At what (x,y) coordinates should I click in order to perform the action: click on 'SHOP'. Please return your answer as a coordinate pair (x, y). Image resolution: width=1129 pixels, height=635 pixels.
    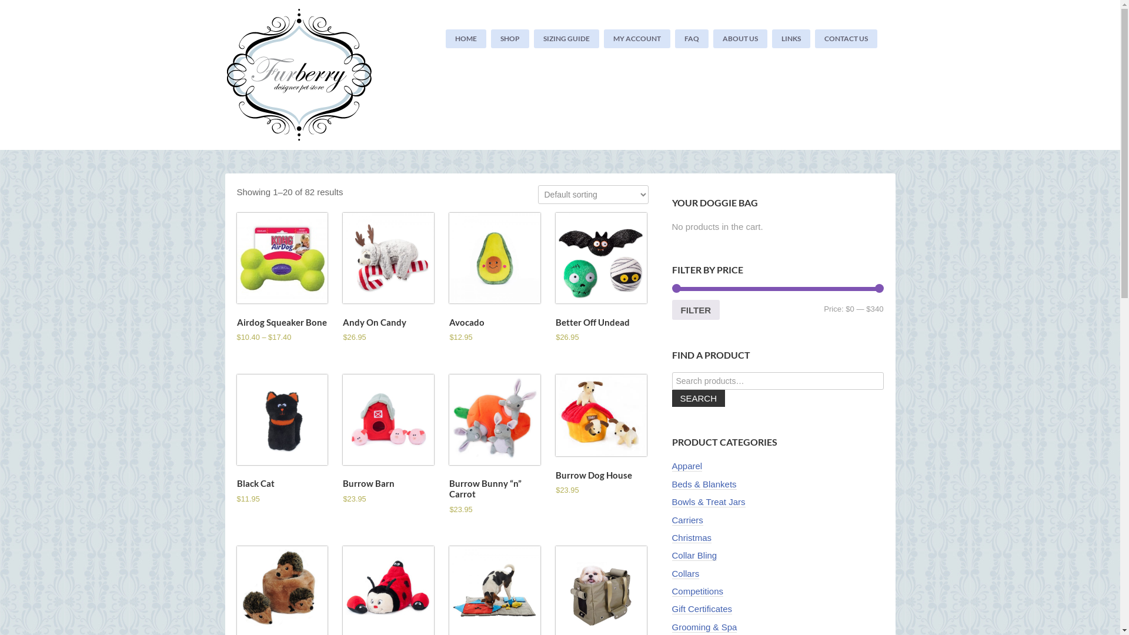
    Looking at the image, I should click on (491, 38).